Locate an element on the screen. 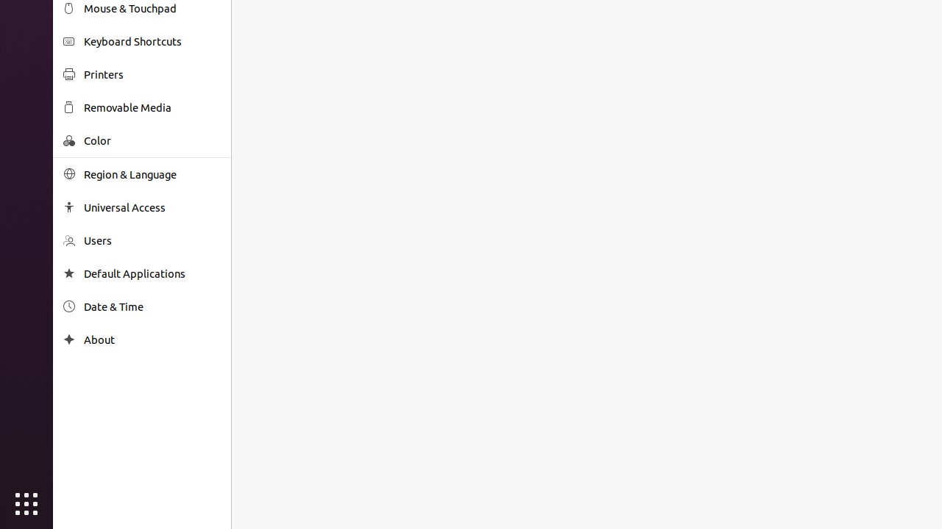  'Keyboard Shortcuts' is located at coordinates (152, 40).